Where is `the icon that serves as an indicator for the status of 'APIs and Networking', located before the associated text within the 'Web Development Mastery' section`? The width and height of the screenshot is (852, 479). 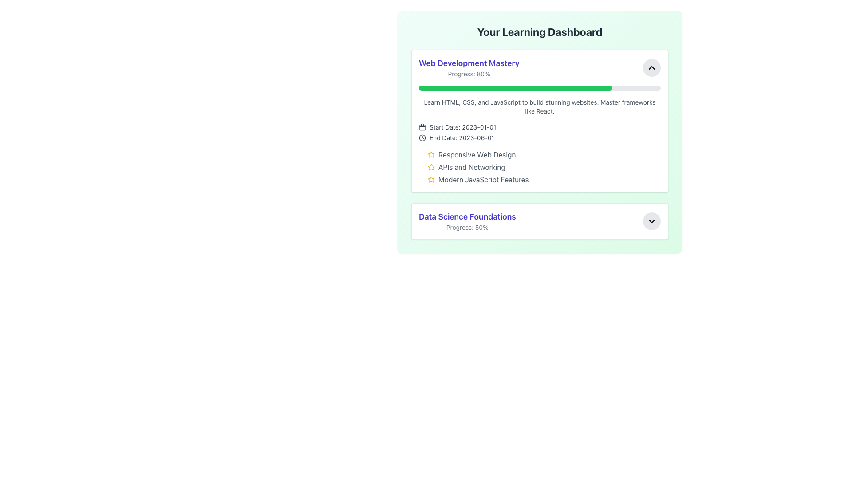 the icon that serves as an indicator for the status of 'APIs and Networking', located before the associated text within the 'Web Development Mastery' section is located at coordinates (431, 167).